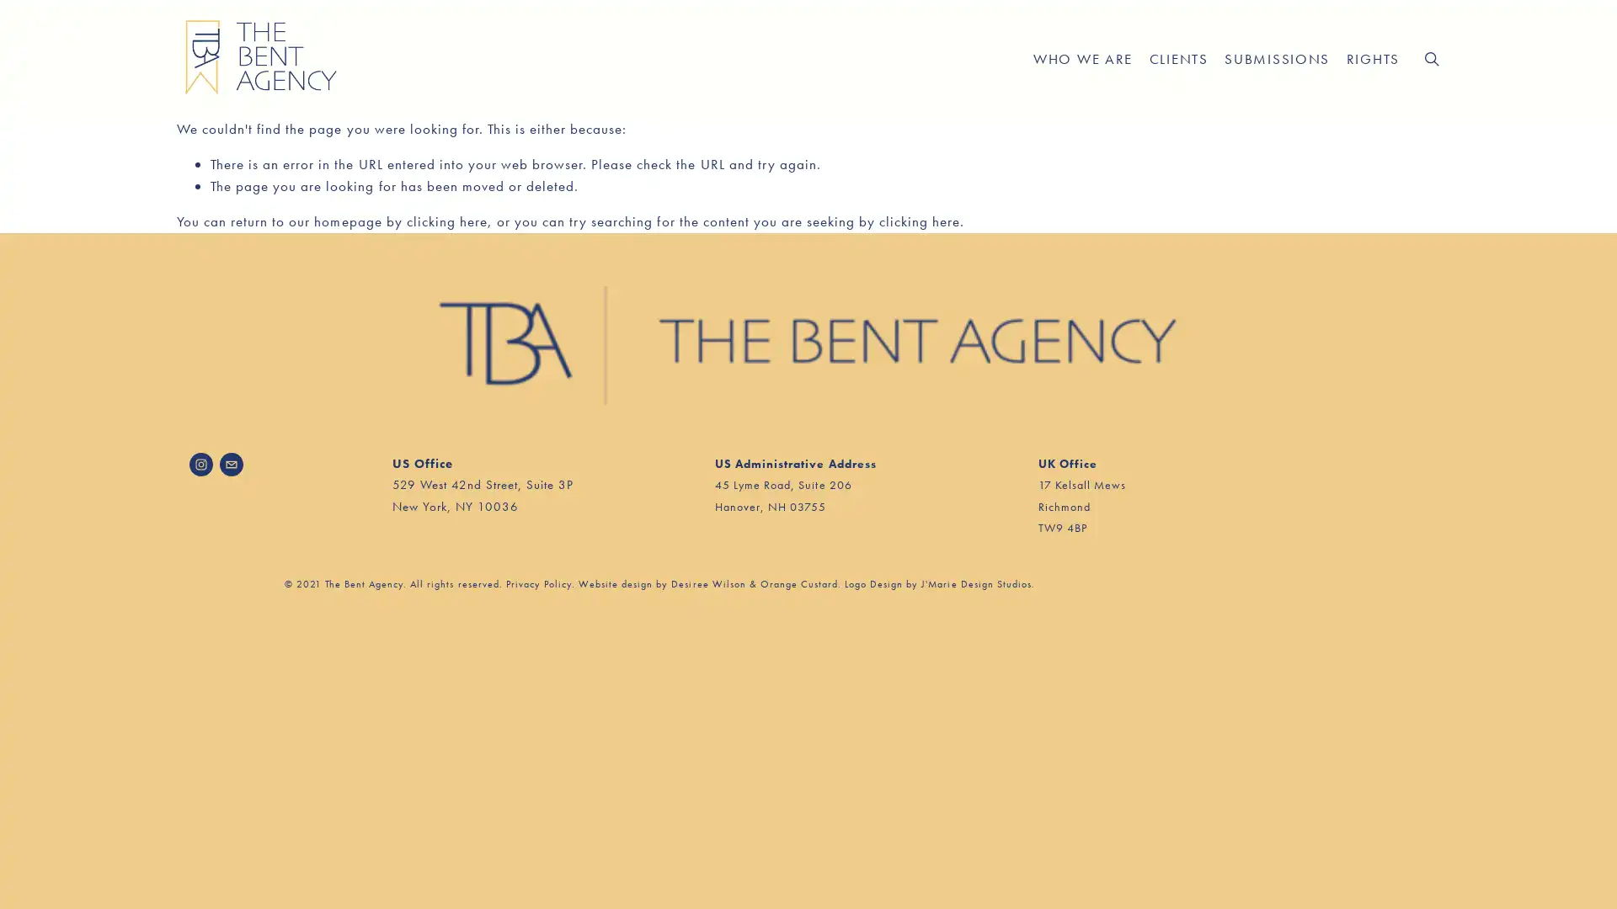 The height and width of the screenshot is (909, 1617). Describe the element at coordinates (1430, 57) in the screenshot. I see `Search` at that location.